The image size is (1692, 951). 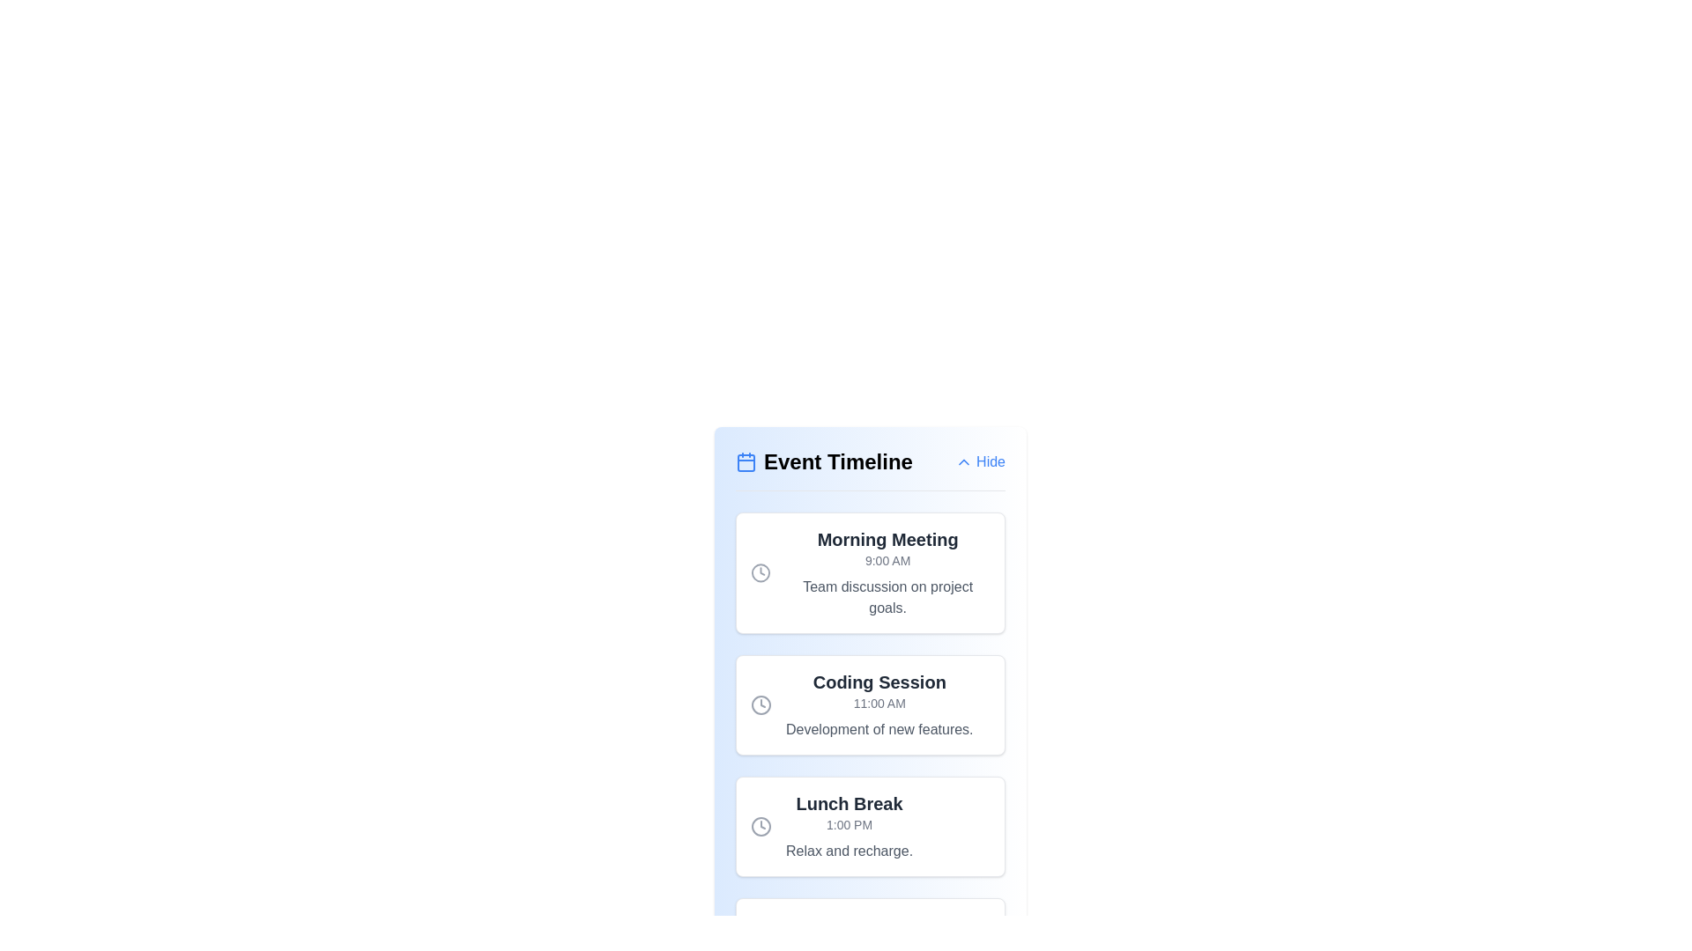 What do you see at coordinates (761, 573) in the screenshot?
I see `the time indicator icon associated with the 'Morning Meeting' event card, located next to the text '9:00 AM' on the left side of the card in the 'Event Timeline'` at bounding box center [761, 573].